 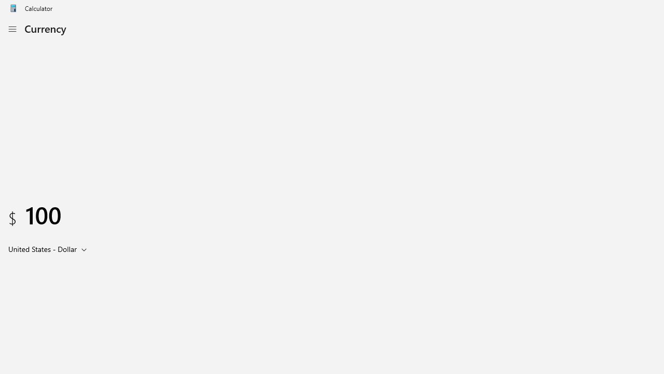 What do you see at coordinates (12, 29) in the screenshot?
I see `'Open Navigation'` at bounding box center [12, 29].